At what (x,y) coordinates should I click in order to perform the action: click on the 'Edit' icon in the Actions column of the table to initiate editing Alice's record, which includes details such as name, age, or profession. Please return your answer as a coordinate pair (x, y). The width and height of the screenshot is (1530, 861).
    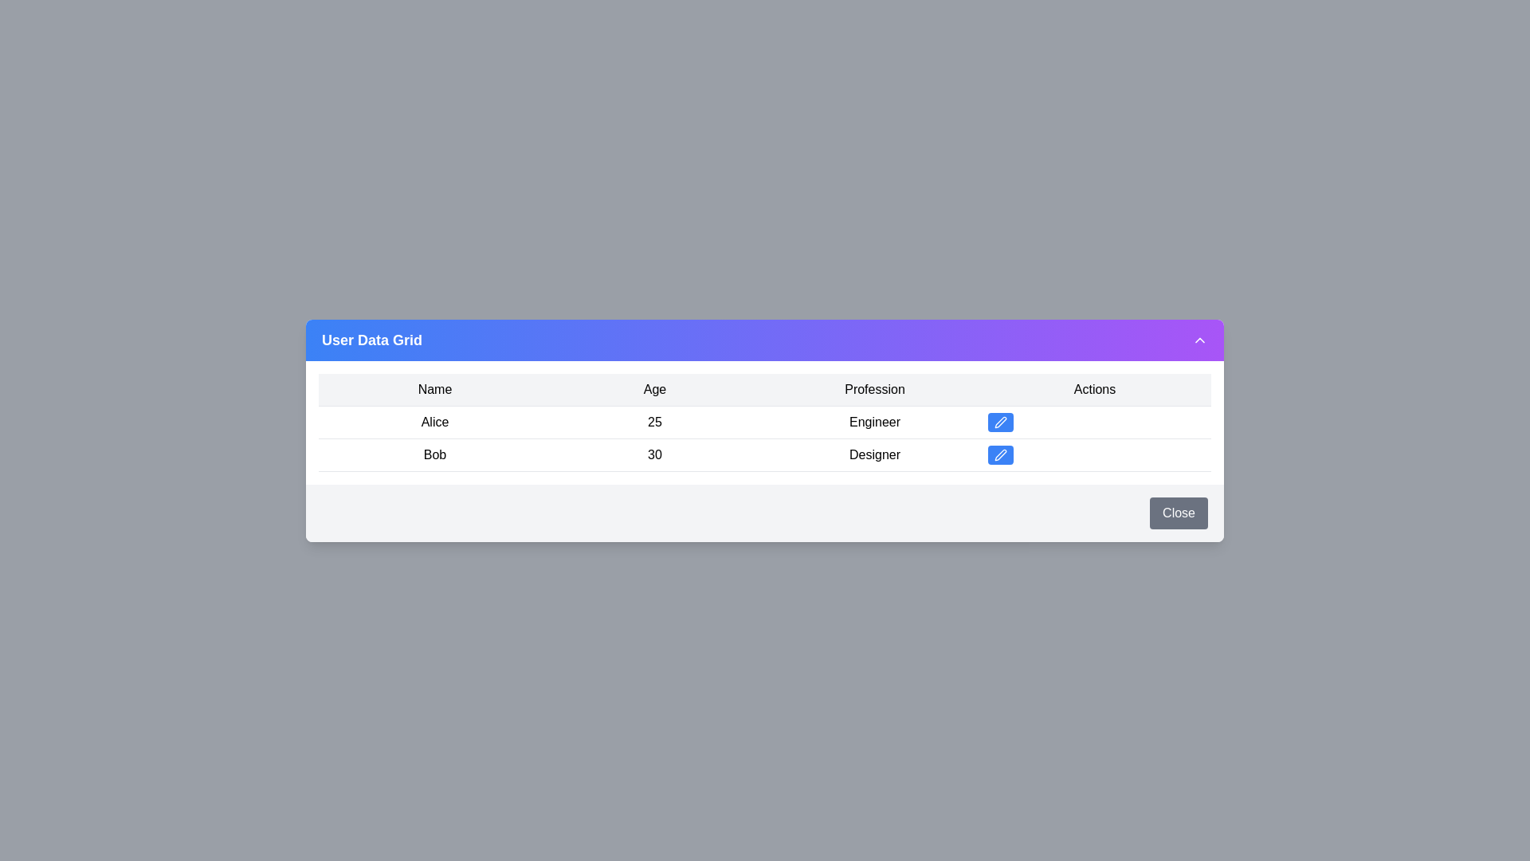
    Looking at the image, I should click on (1000, 420).